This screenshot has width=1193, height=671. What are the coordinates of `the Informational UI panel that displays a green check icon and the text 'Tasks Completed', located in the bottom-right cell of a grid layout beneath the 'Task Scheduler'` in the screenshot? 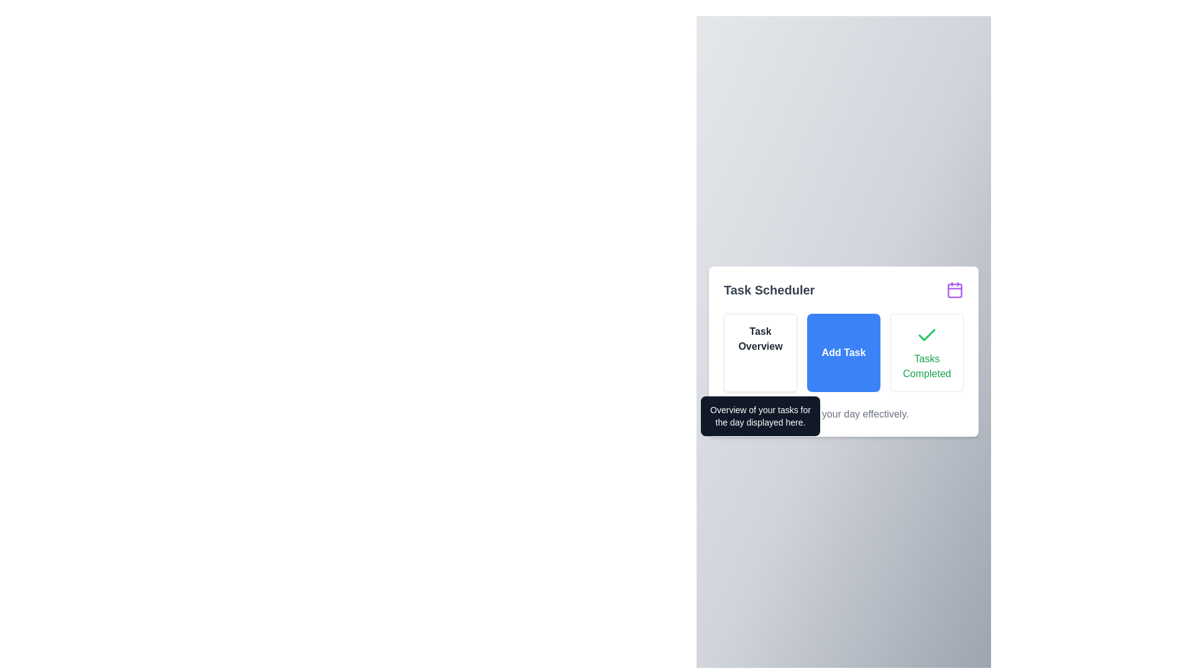 It's located at (927, 352).